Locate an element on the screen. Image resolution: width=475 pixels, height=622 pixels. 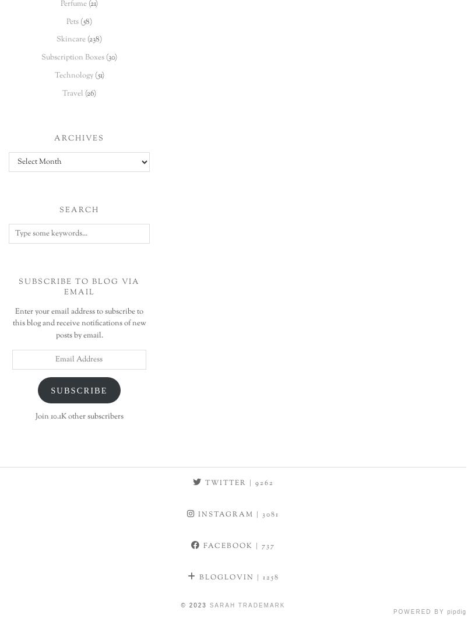
'(30)' is located at coordinates (104, 57).